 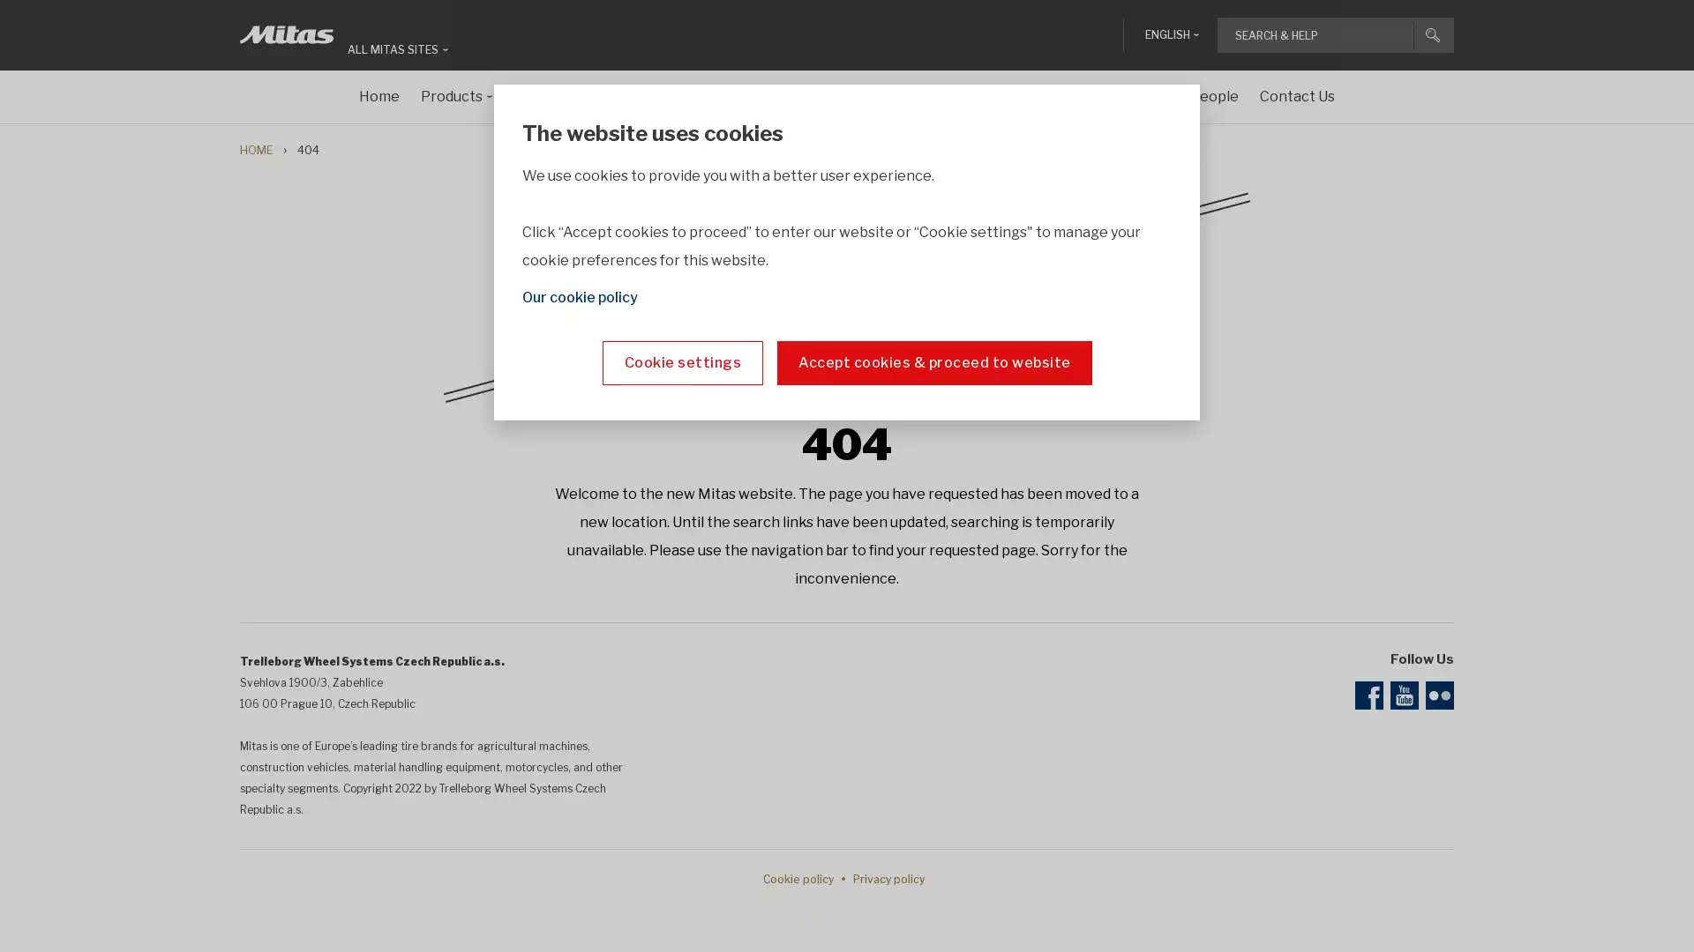 I want to click on Cookie settings, so click(x=681, y=361).